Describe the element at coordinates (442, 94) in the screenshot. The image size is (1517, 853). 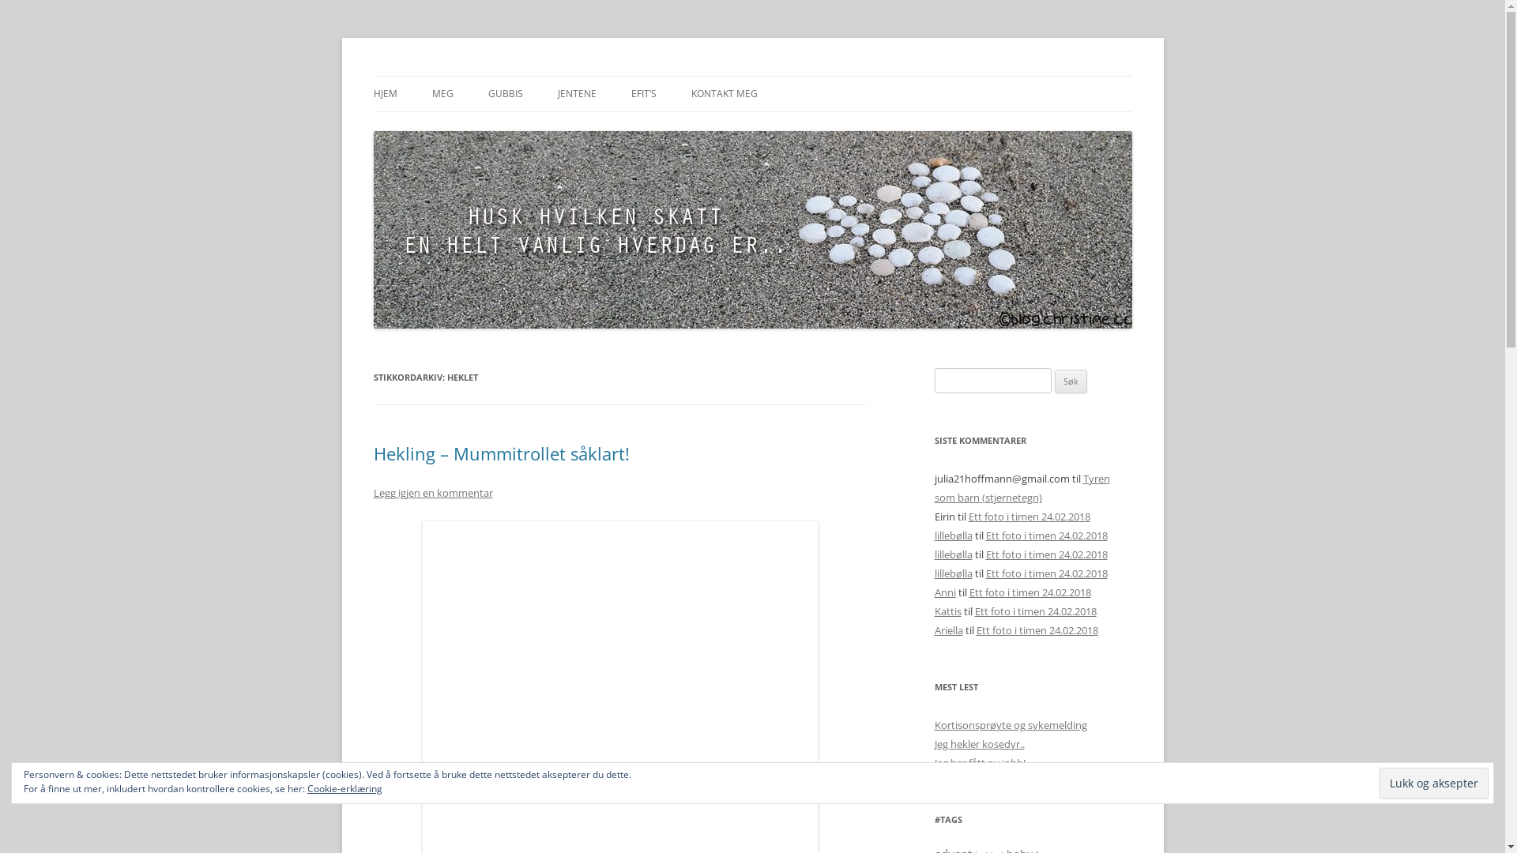
I see `'MEG'` at that location.